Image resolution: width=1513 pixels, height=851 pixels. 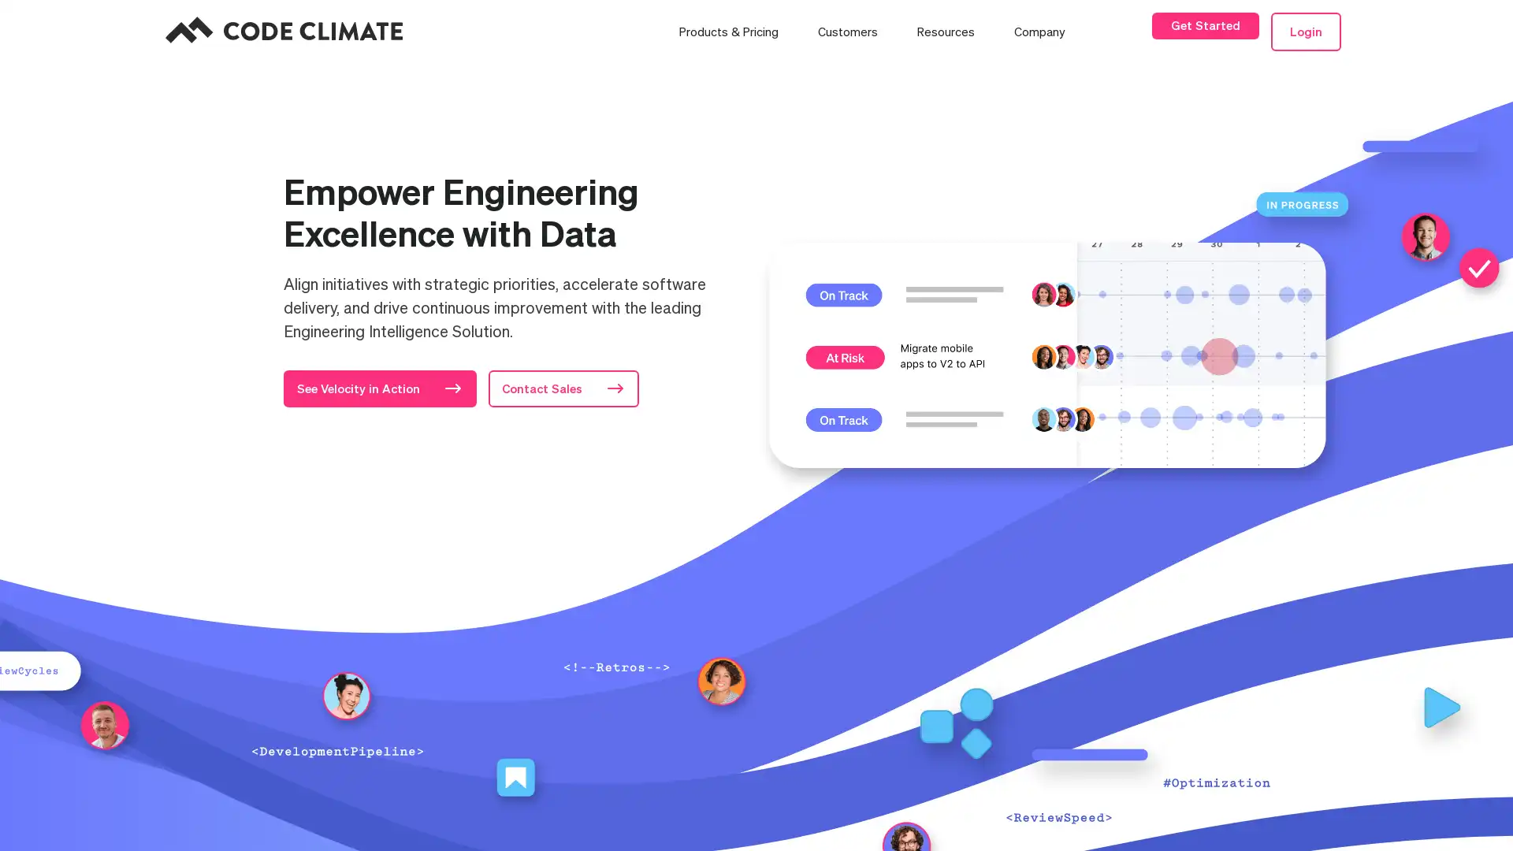 I want to click on Open Intercom Messenger, so click(x=1456, y=811).